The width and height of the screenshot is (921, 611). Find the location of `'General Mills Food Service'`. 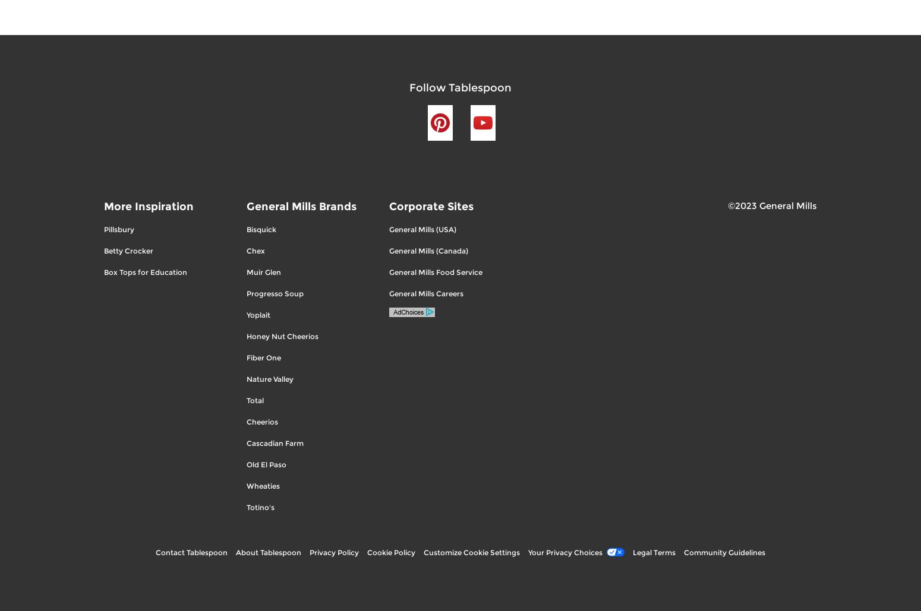

'General Mills Food Service' is located at coordinates (436, 271).